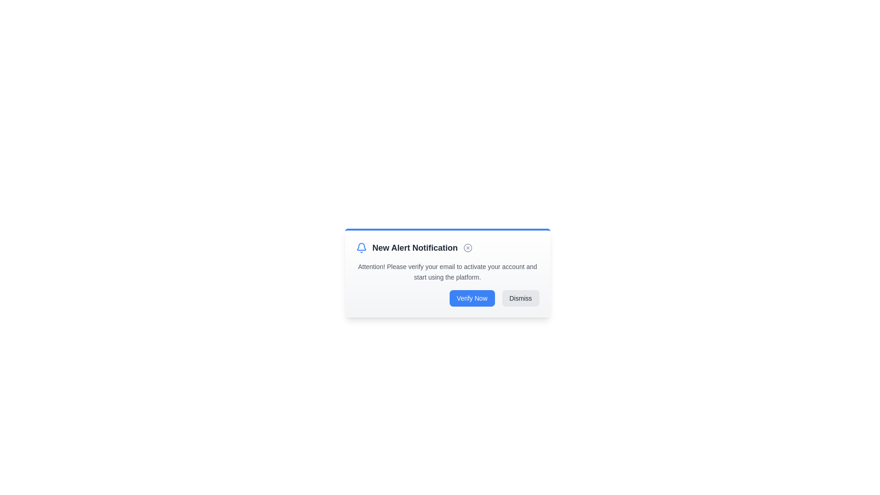 This screenshot has width=880, height=495. Describe the element at coordinates (472, 298) in the screenshot. I see `the email verification button located in the bottom-right section of the notification panel, which is the leftmost button in a group of two buttons` at that location.